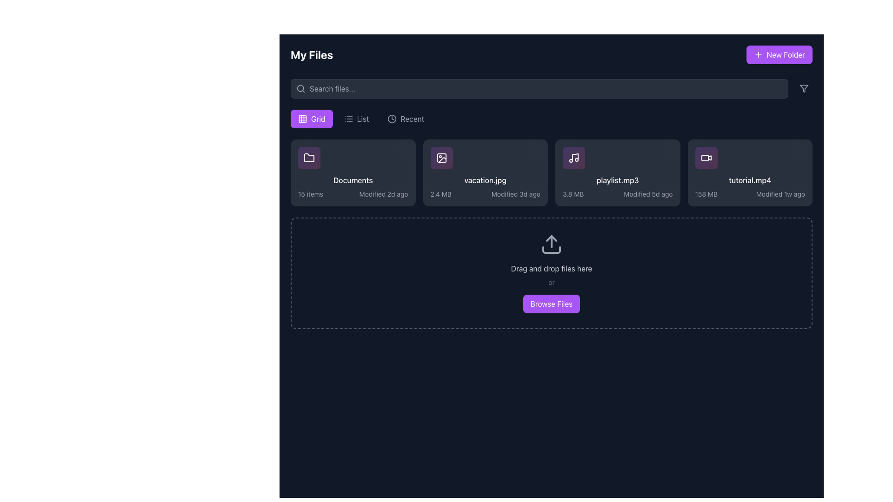 Image resolution: width=893 pixels, height=502 pixels. What do you see at coordinates (772, 172) in the screenshot?
I see `the delete button labeled 'tutorial.mp4' located in the top-right corner of its item's thumbnail` at bounding box center [772, 172].